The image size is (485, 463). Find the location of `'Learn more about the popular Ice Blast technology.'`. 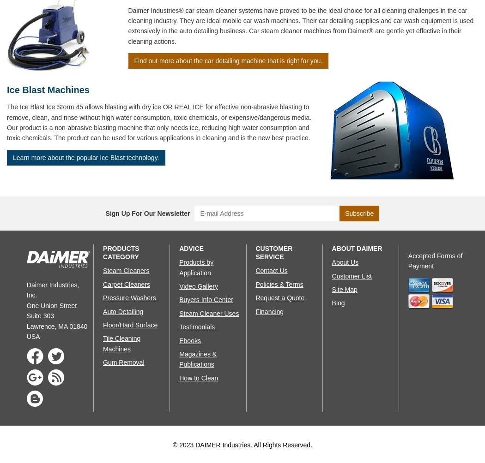

'Learn more about the popular Ice Blast technology.' is located at coordinates (13, 157).